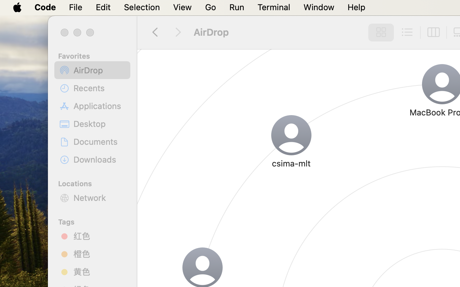  I want to click on 'AirDrop', so click(99, 70).